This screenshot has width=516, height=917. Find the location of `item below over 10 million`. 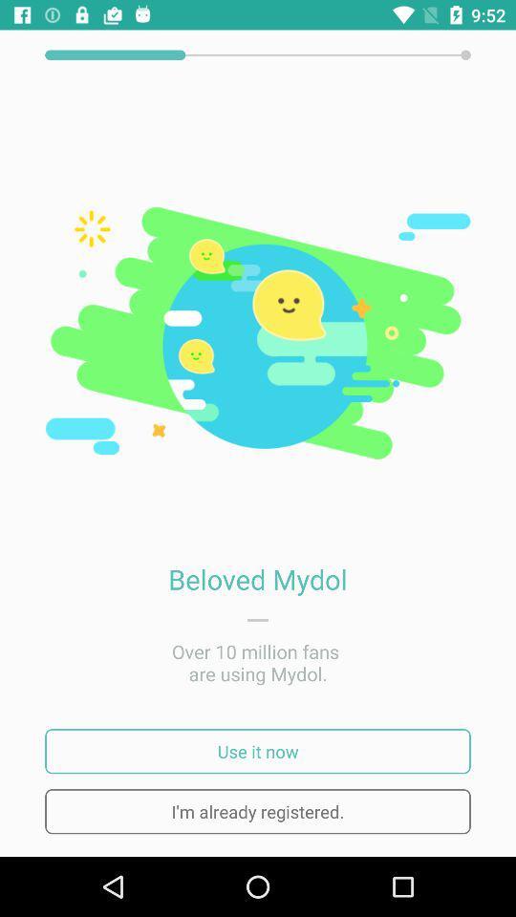

item below over 10 million is located at coordinates (258, 751).